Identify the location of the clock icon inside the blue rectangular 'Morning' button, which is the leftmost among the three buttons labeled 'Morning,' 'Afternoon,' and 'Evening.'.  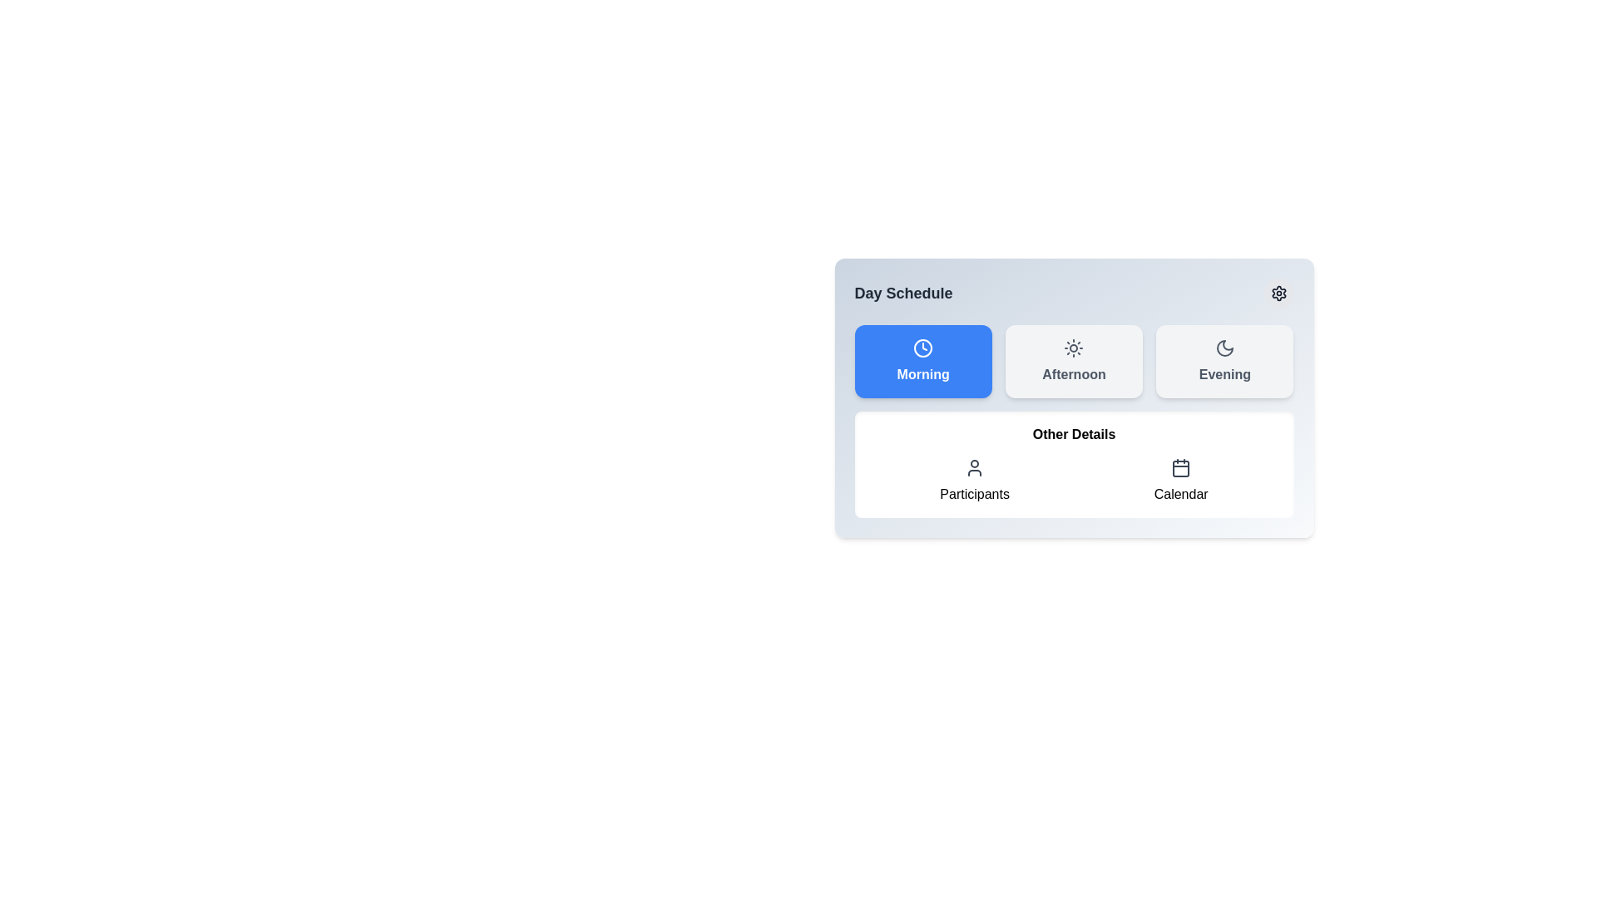
(922, 348).